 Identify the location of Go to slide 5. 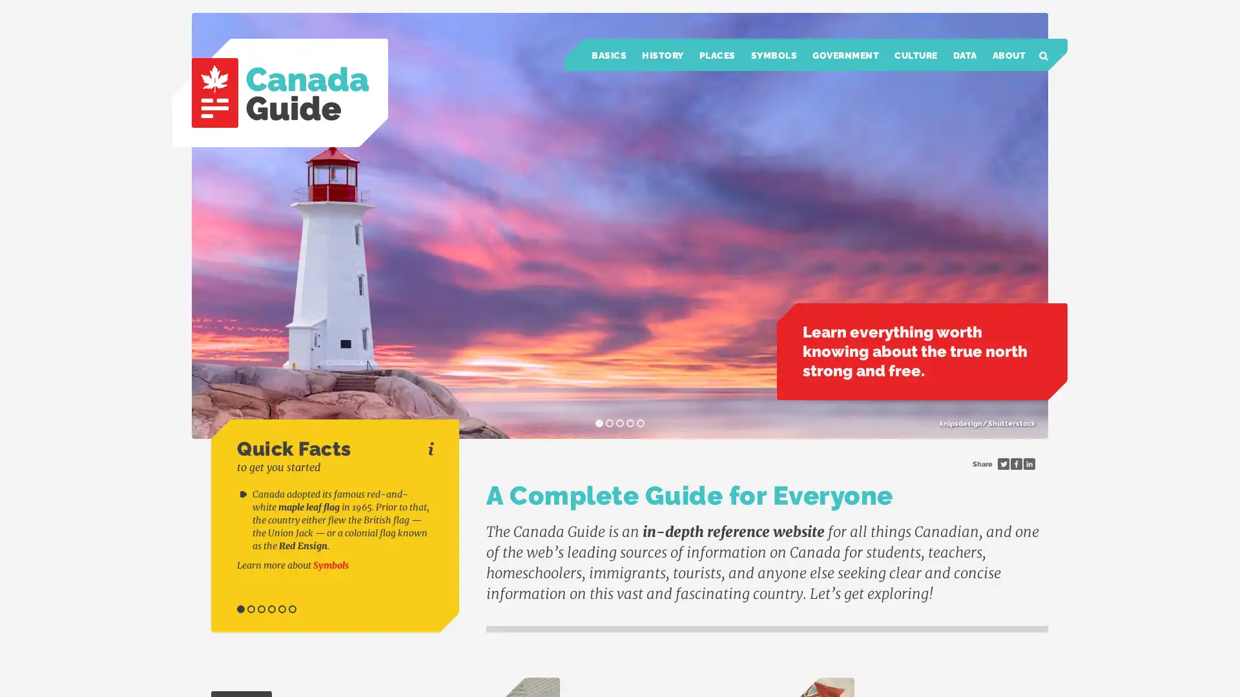
(281, 609).